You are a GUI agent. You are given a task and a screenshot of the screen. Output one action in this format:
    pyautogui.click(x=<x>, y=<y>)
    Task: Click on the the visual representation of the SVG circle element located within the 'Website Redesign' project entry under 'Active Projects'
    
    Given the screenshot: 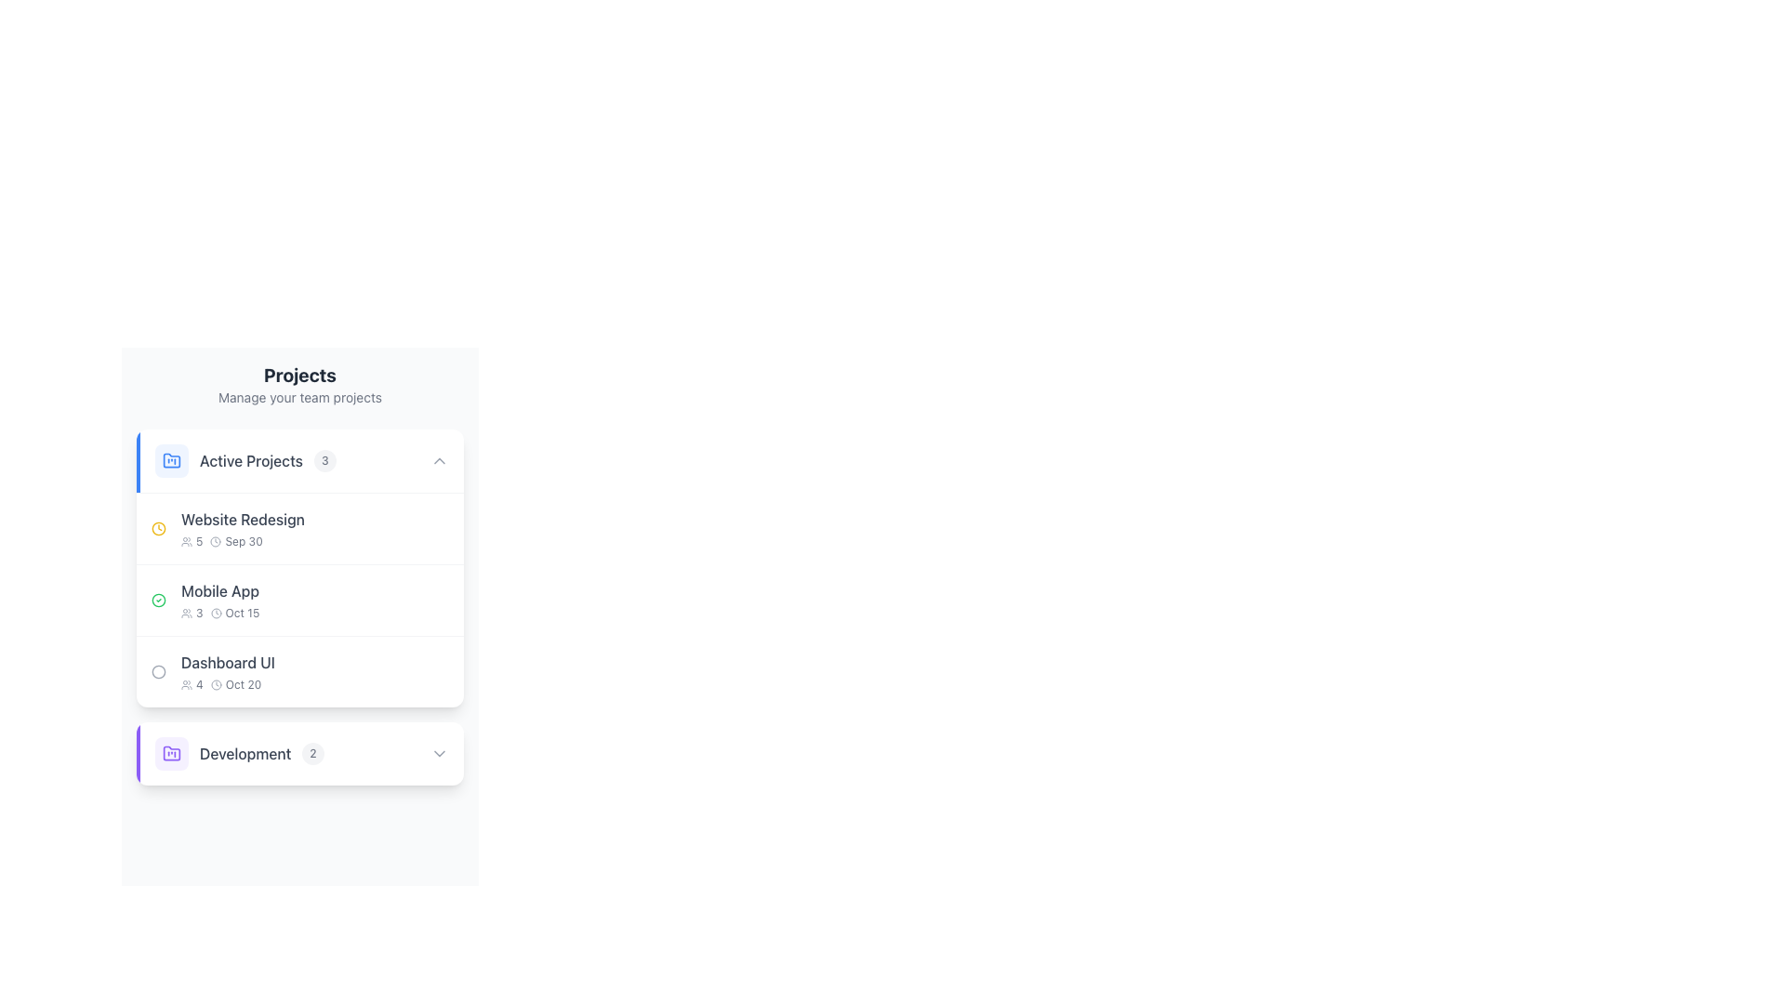 What is the action you would take?
    pyautogui.click(x=216, y=684)
    